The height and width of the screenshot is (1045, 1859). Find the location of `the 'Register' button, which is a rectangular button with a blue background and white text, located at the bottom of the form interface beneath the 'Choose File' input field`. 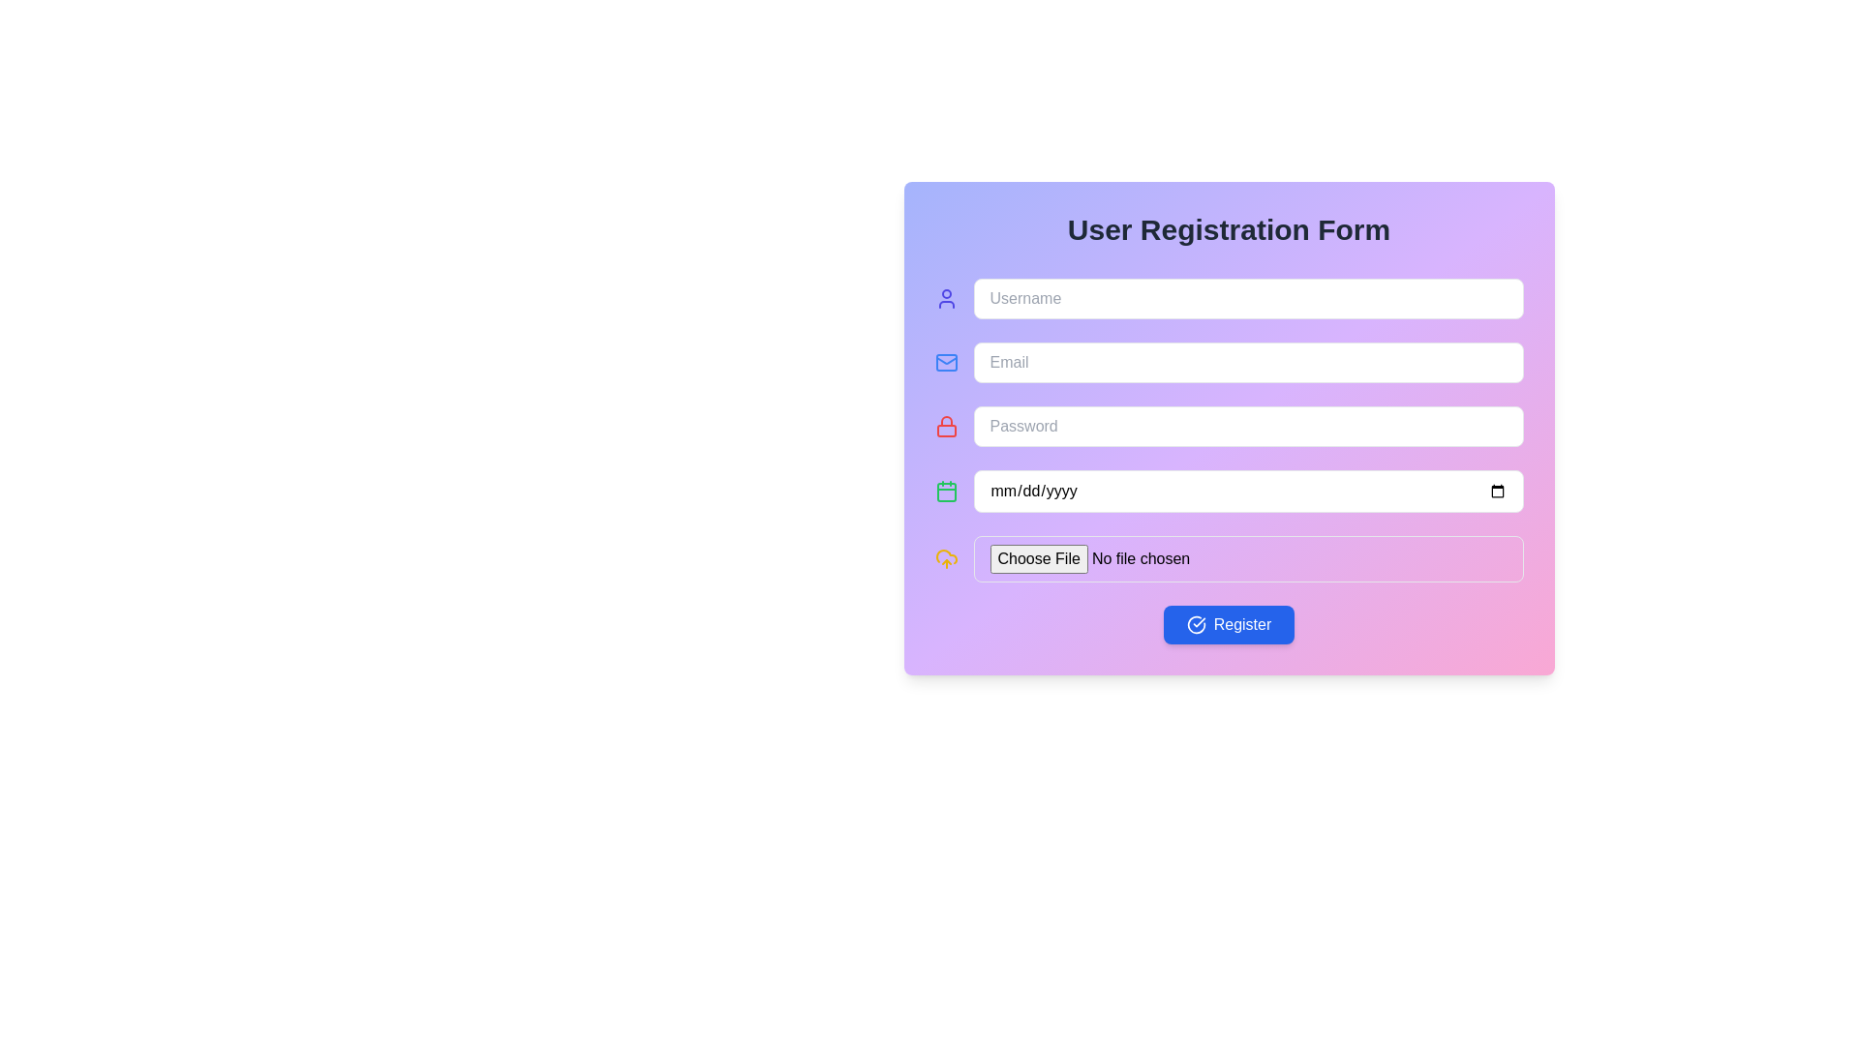

the 'Register' button, which is a rectangular button with a blue background and white text, located at the bottom of the form interface beneath the 'Choose File' input field is located at coordinates (1228, 624).